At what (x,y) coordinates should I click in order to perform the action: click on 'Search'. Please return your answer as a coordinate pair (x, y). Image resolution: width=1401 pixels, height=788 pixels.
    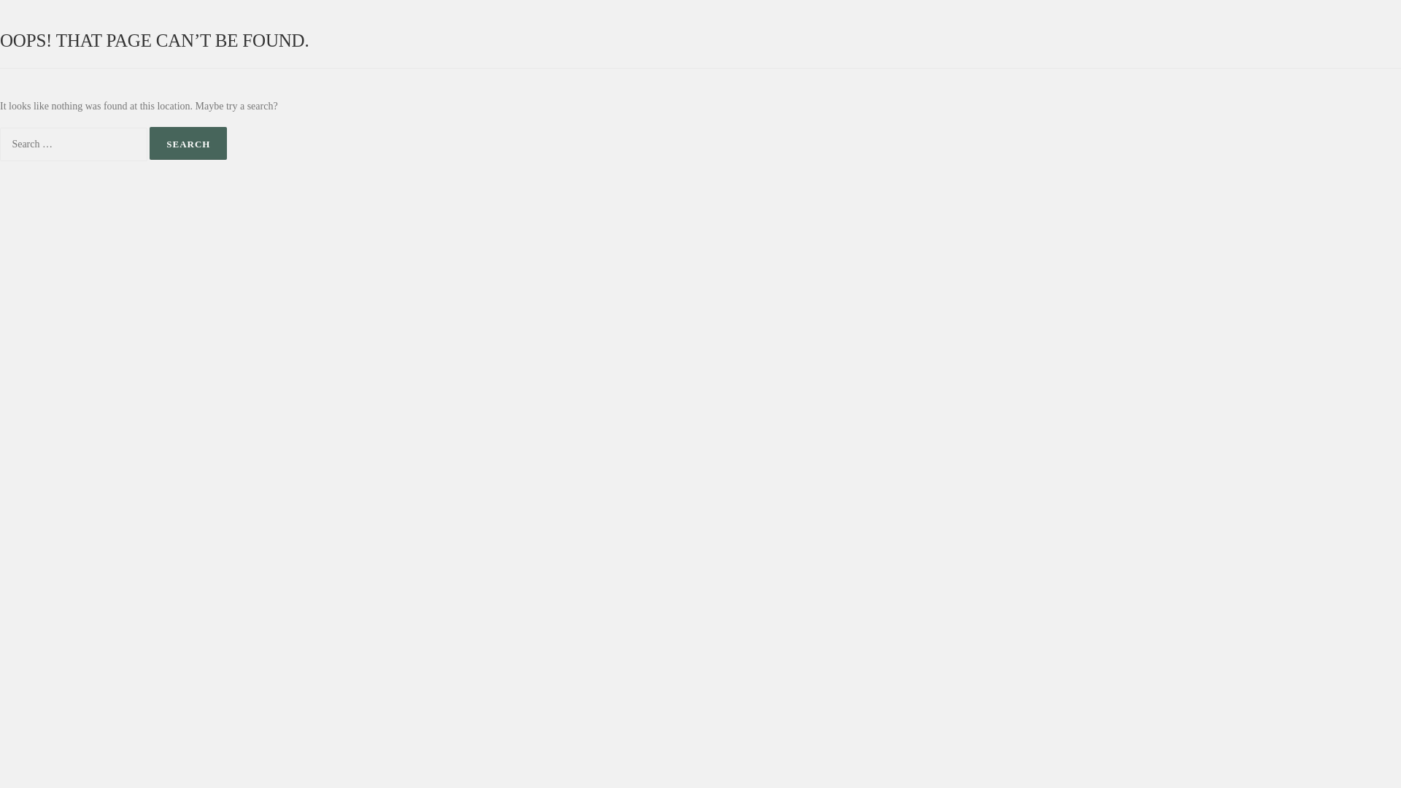
    Looking at the image, I should click on (188, 143).